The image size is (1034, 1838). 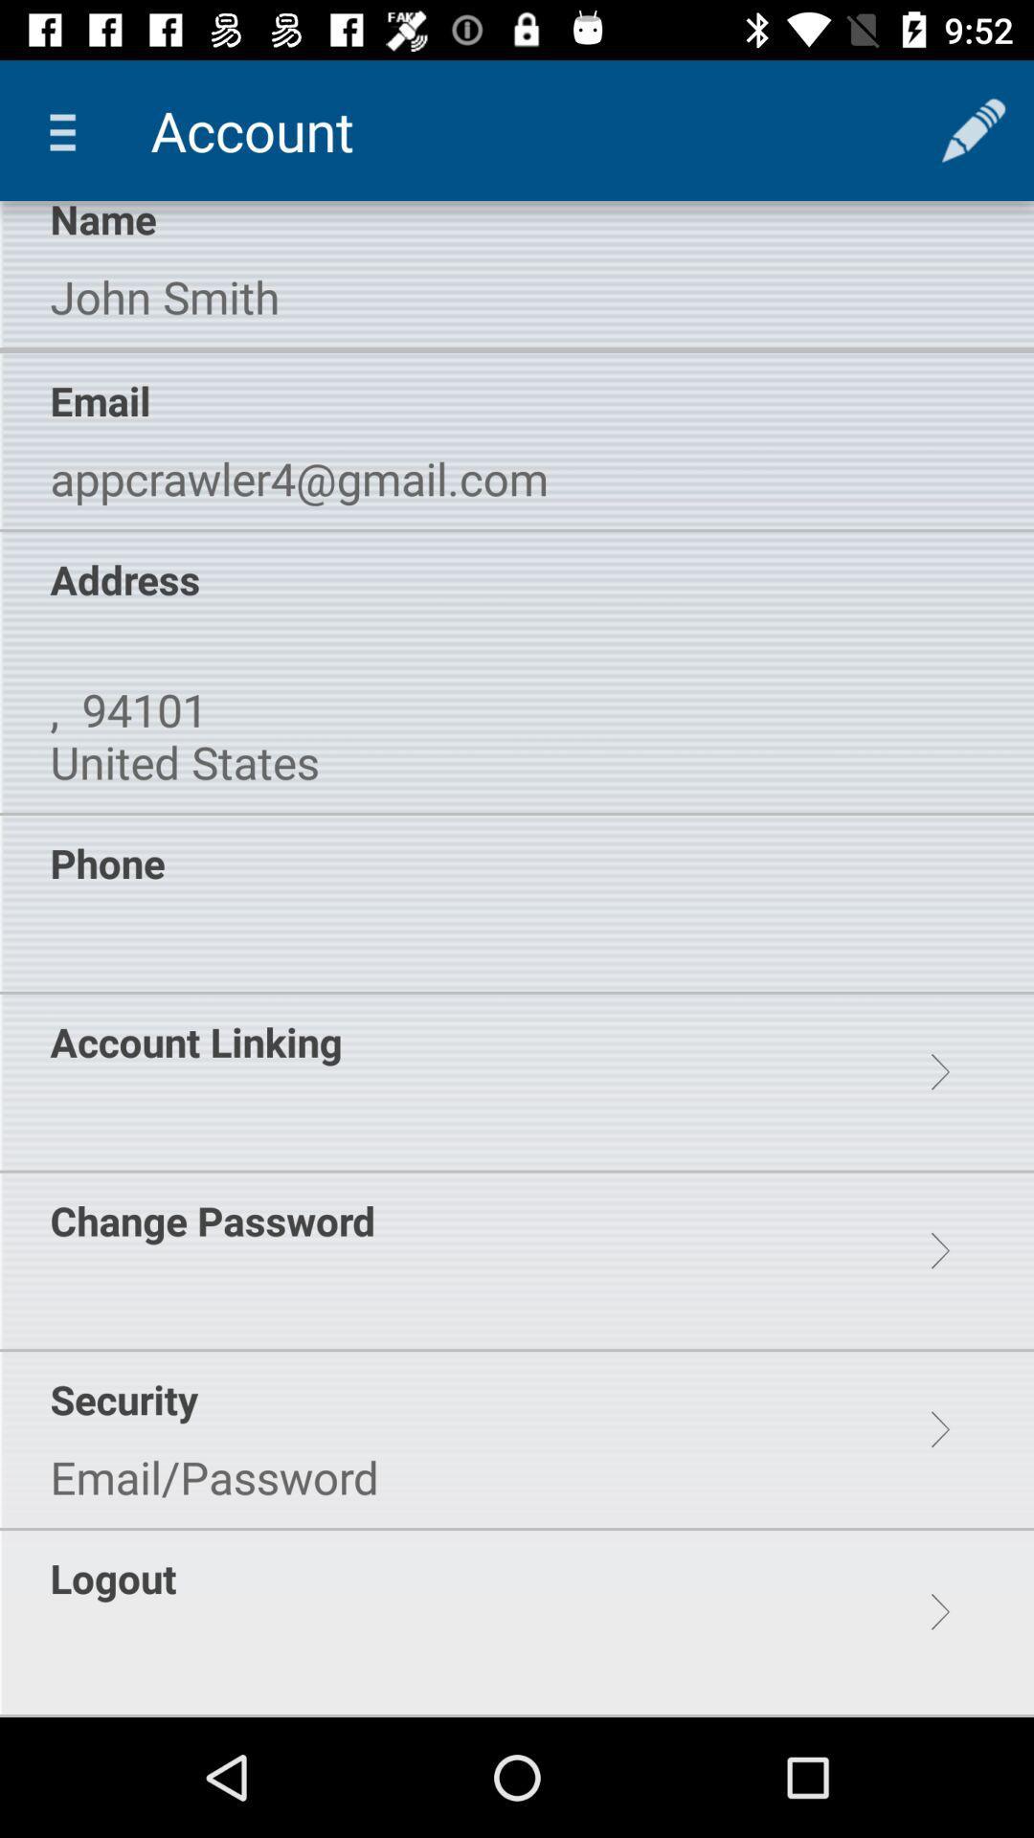 I want to click on email/password, so click(x=214, y=1476).